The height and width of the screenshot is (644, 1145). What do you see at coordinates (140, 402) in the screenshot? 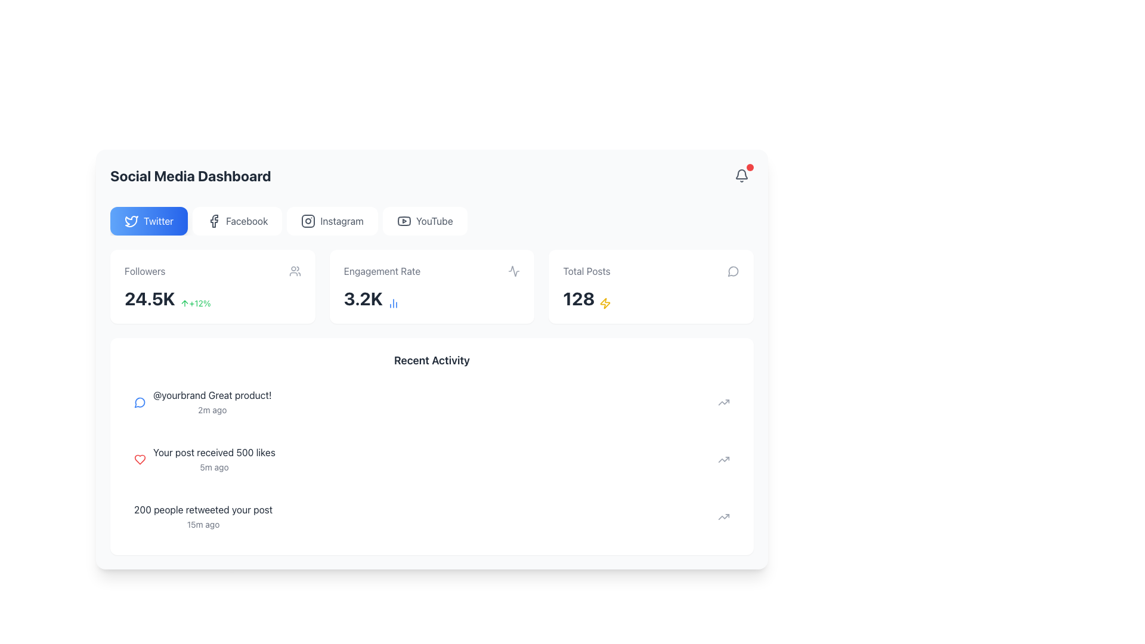
I see `the comment icon located in the 'Recent Activity' section of the Social Media Dashboard, which is positioned to the left of the text '@yourbrand Great product! 2m ago'` at bounding box center [140, 402].